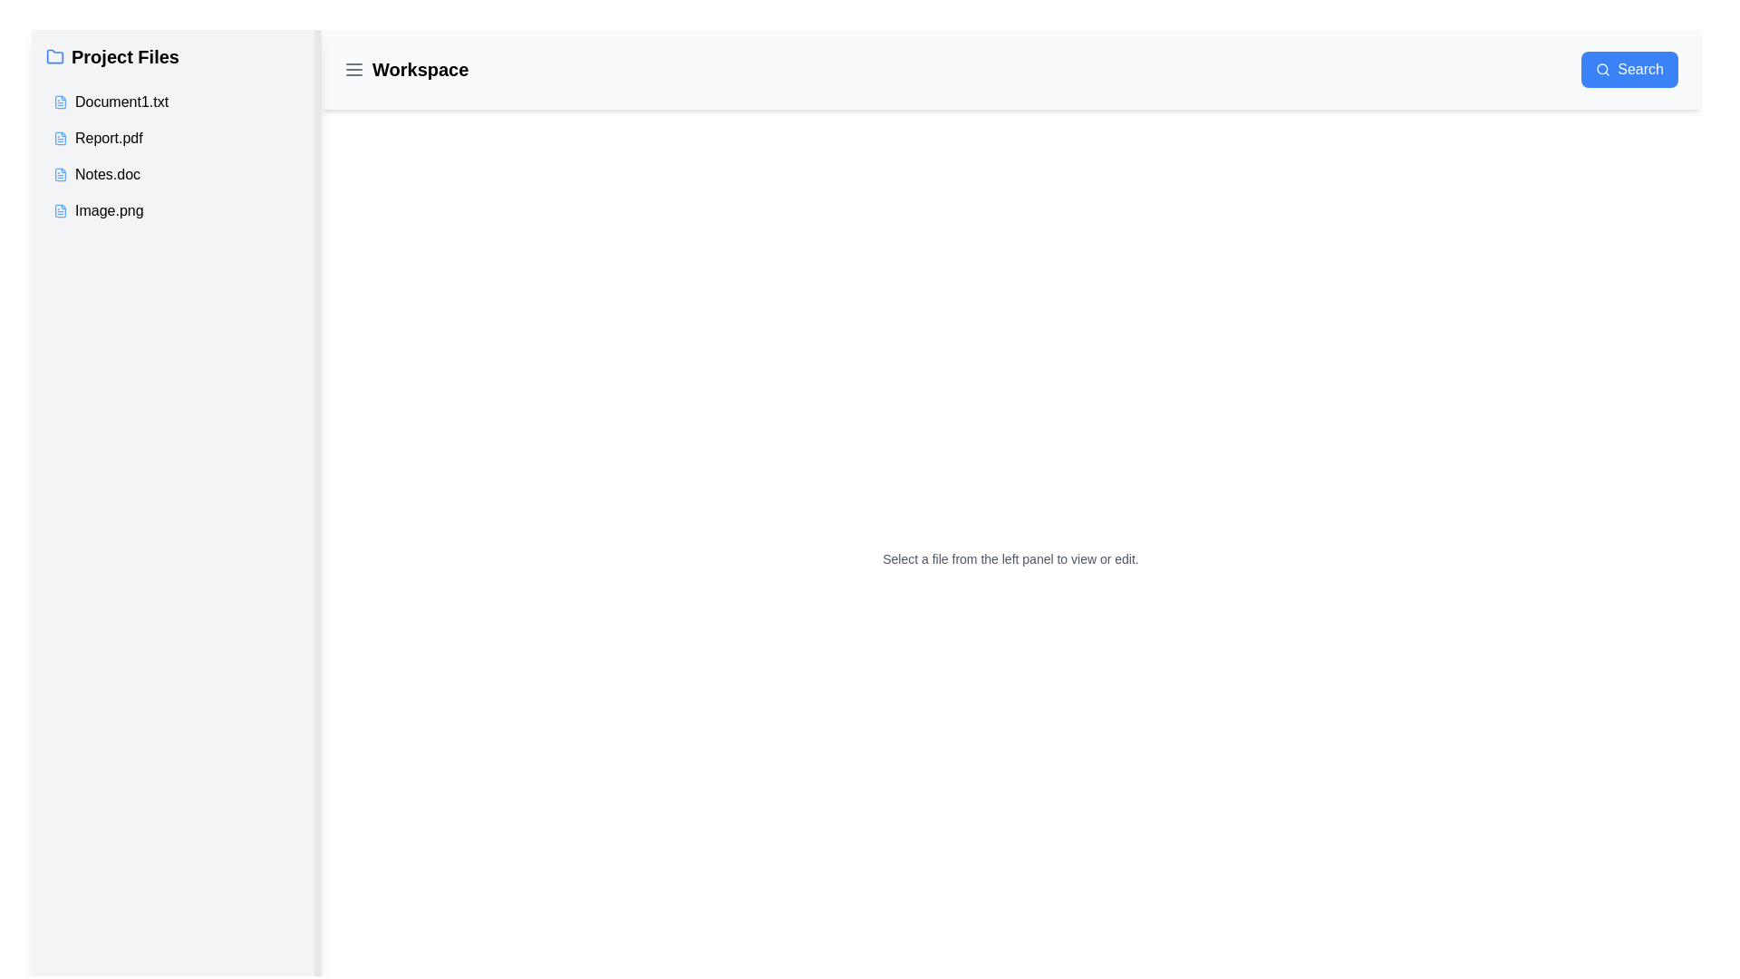 This screenshot has height=979, width=1740. Describe the element at coordinates (177, 209) in the screenshot. I see `the fourth Clickable File Entry labeled 'Image.png'` at that location.